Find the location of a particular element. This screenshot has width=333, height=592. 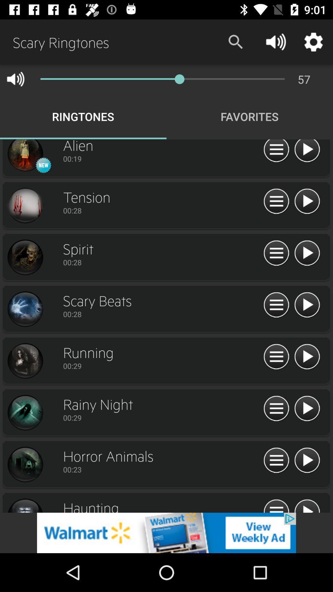

share the article is located at coordinates (166, 532).